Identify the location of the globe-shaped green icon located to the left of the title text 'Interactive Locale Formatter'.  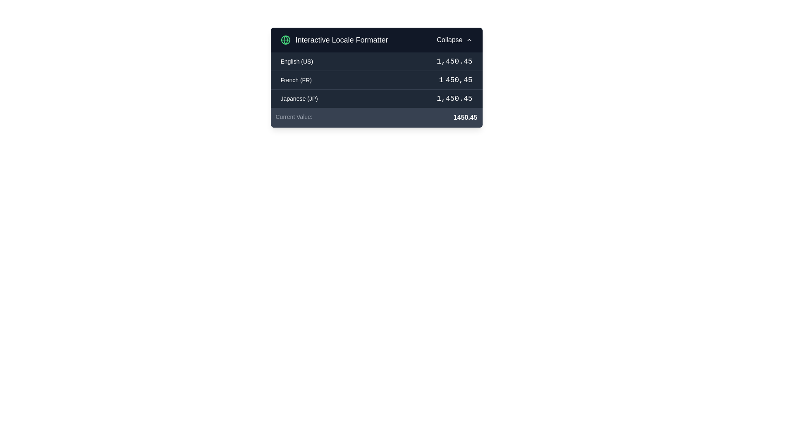
(285, 40).